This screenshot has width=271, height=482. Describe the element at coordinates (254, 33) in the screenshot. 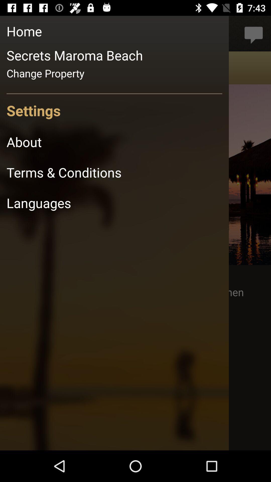

I see `the chat icon` at that location.